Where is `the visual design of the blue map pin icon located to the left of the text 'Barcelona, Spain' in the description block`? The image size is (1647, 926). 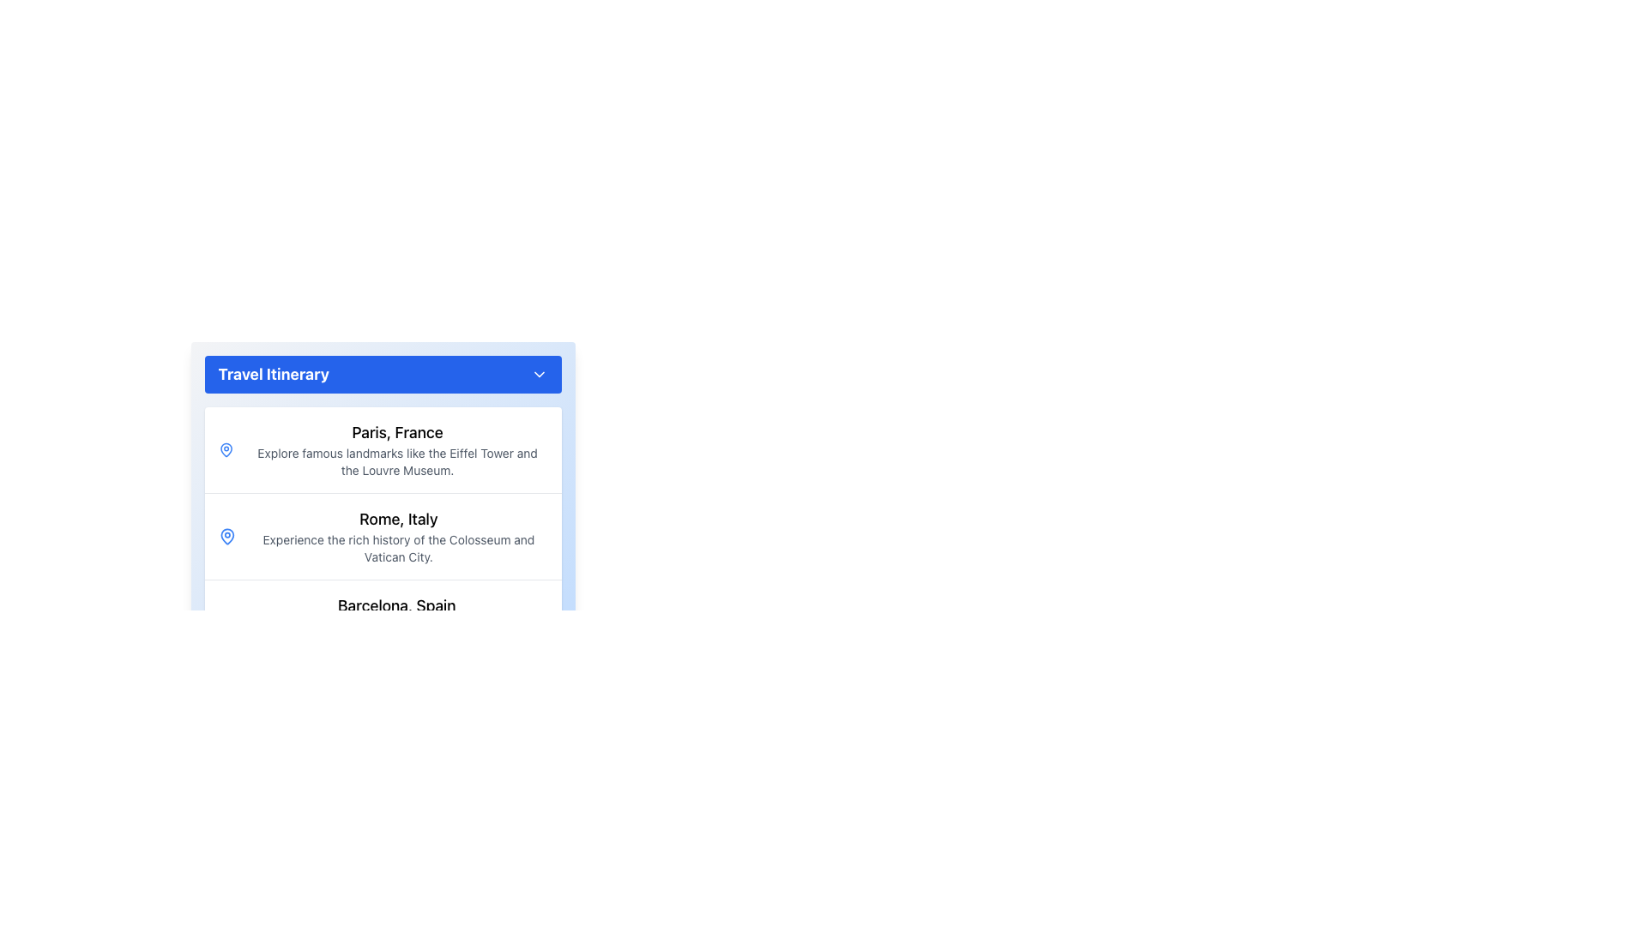
the visual design of the blue map pin icon located to the left of the text 'Barcelona, Spain' in the description block is located at coordinates (224, 622).